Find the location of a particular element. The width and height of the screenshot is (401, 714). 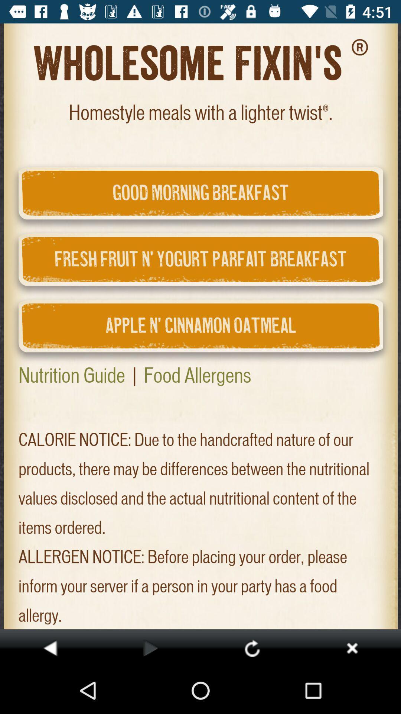

go back is located at coordinates (50, 647).